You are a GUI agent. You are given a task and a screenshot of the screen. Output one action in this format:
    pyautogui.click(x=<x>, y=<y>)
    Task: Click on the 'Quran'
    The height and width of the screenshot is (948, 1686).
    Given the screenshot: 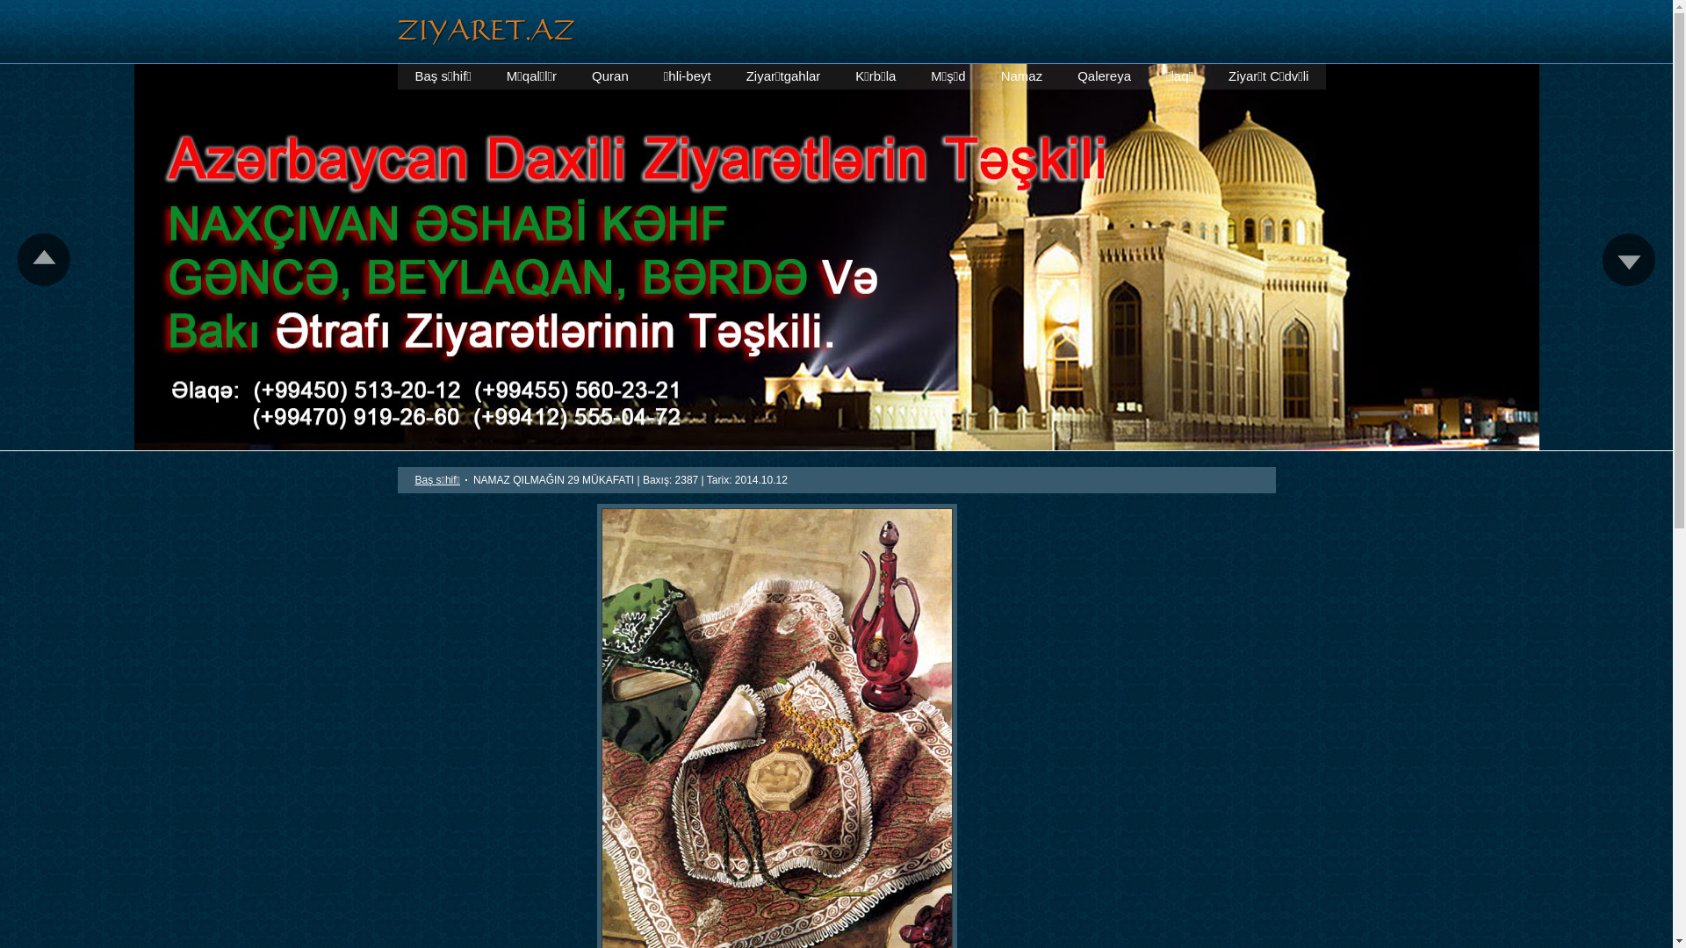 What is the action you would take?
    pyautogui.click(x=610, y=75)
    